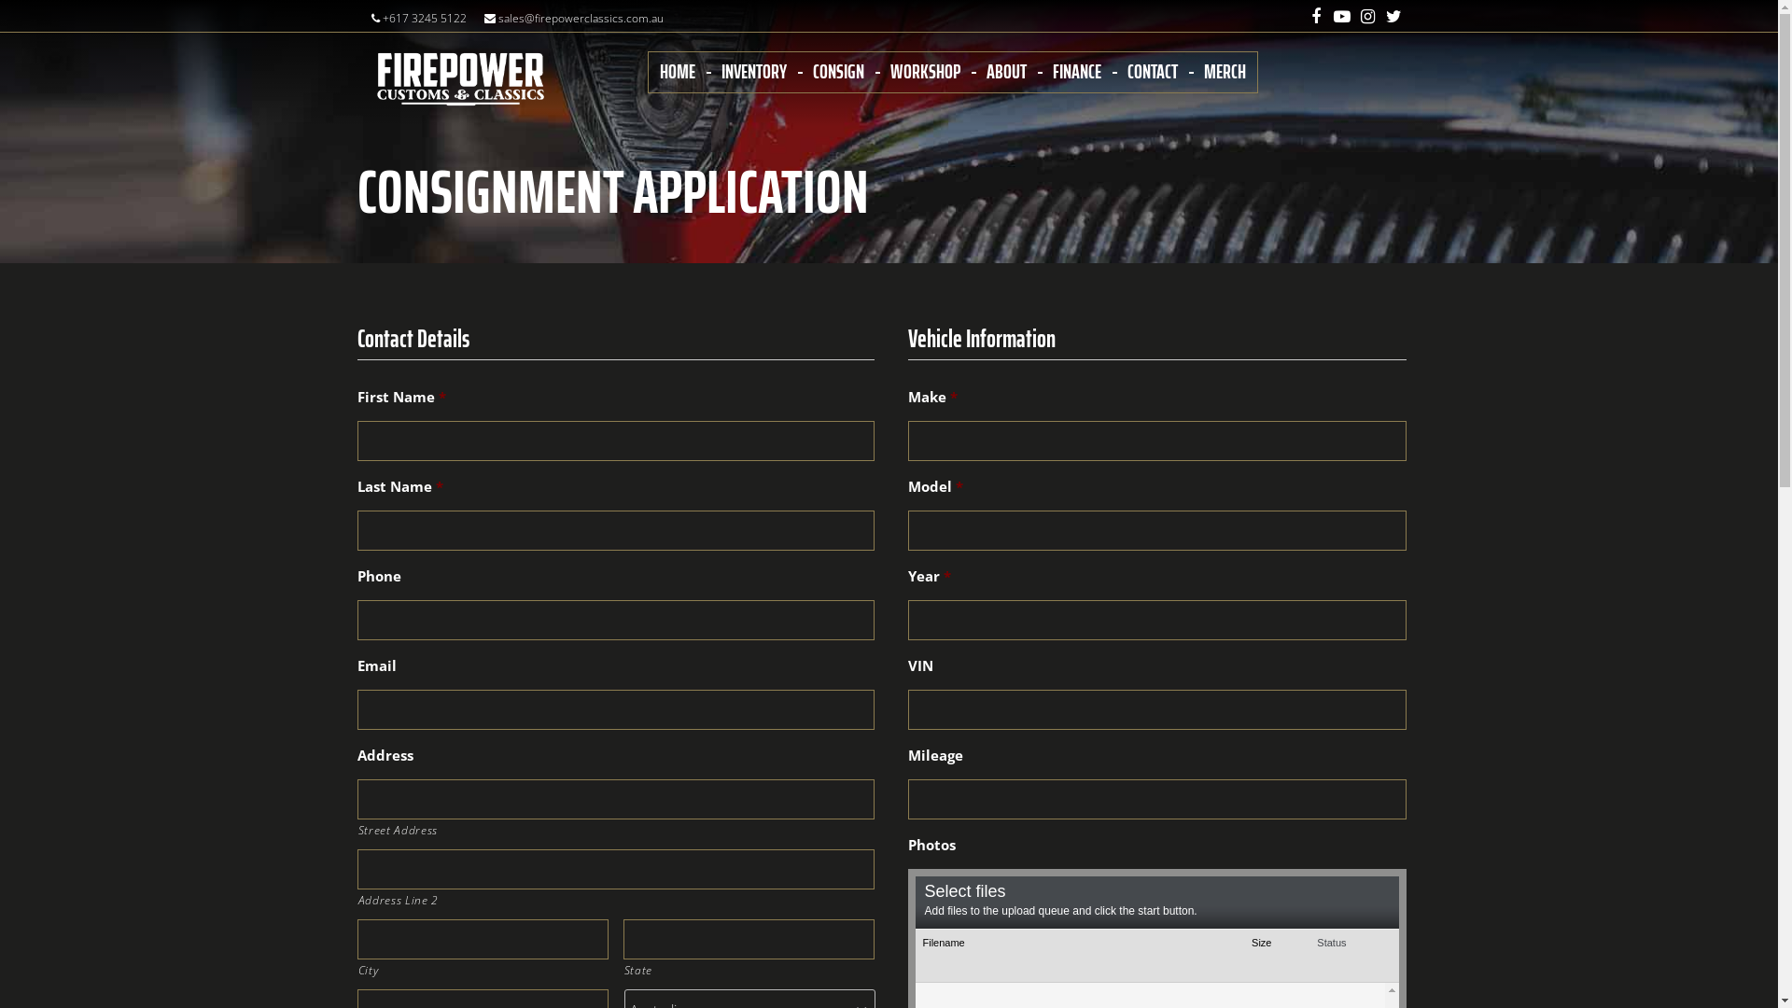 This screenshot has height=1008, width=1792. What do you see at coordinates (1204, 70) in the screenshot?
I see `'MERCH'` at bounding box center [1204, 70].